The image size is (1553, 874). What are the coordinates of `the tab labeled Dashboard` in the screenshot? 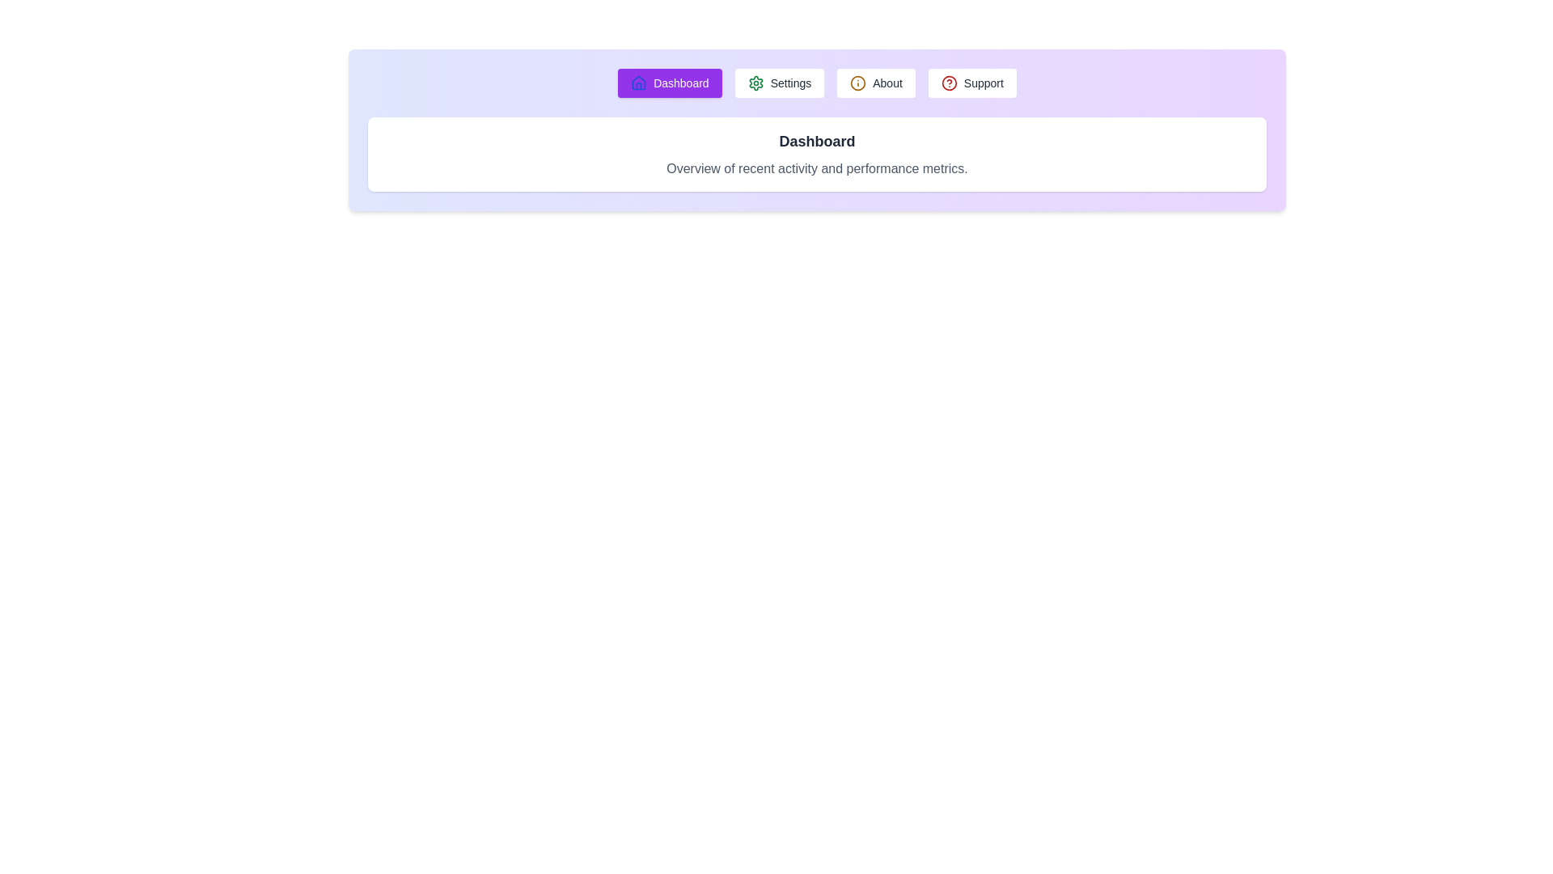 It's located at (670, 83).